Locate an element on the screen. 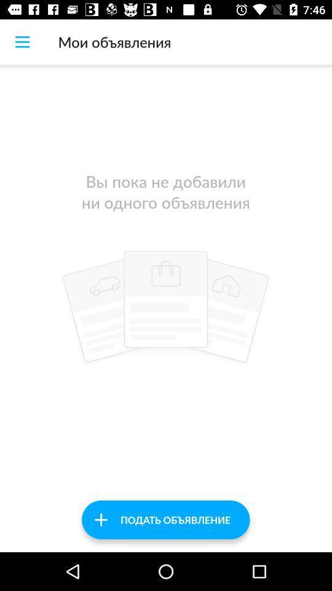 The image size is (332, 591). item at the top left corner is located at coordinates (22, 42).